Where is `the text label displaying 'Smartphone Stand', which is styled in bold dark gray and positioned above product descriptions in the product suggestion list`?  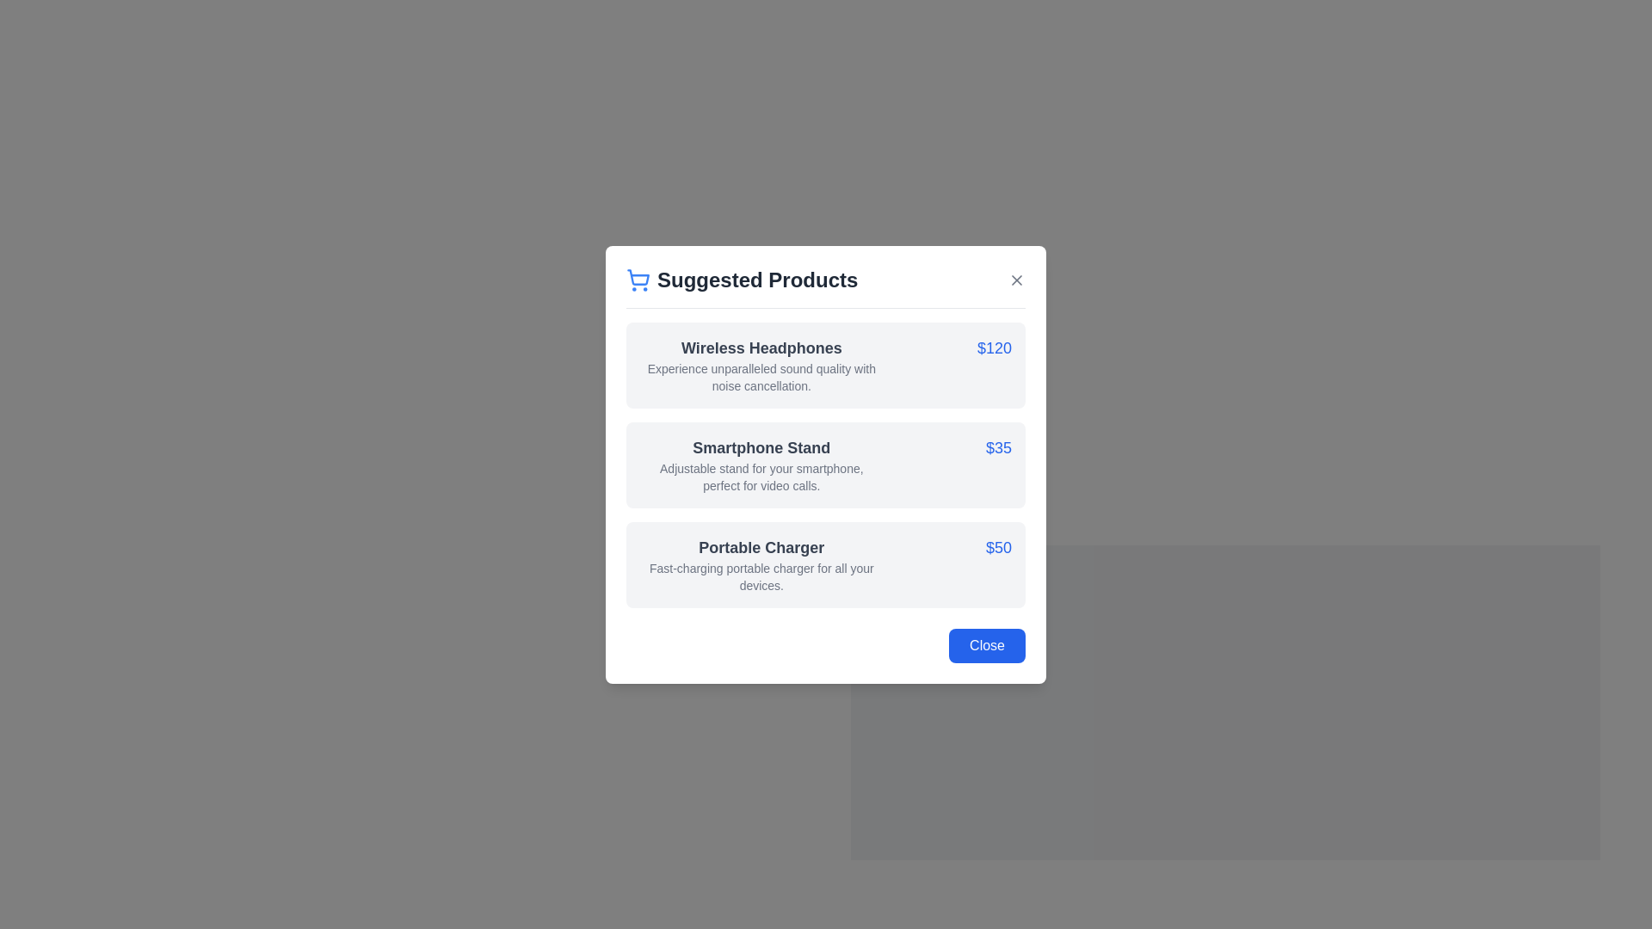
the text label displaying 'Smartphone Stand', which is styled in bold dark gray and positioned above product descriptions in the product suggestion list is located at coordinates (761, 446).